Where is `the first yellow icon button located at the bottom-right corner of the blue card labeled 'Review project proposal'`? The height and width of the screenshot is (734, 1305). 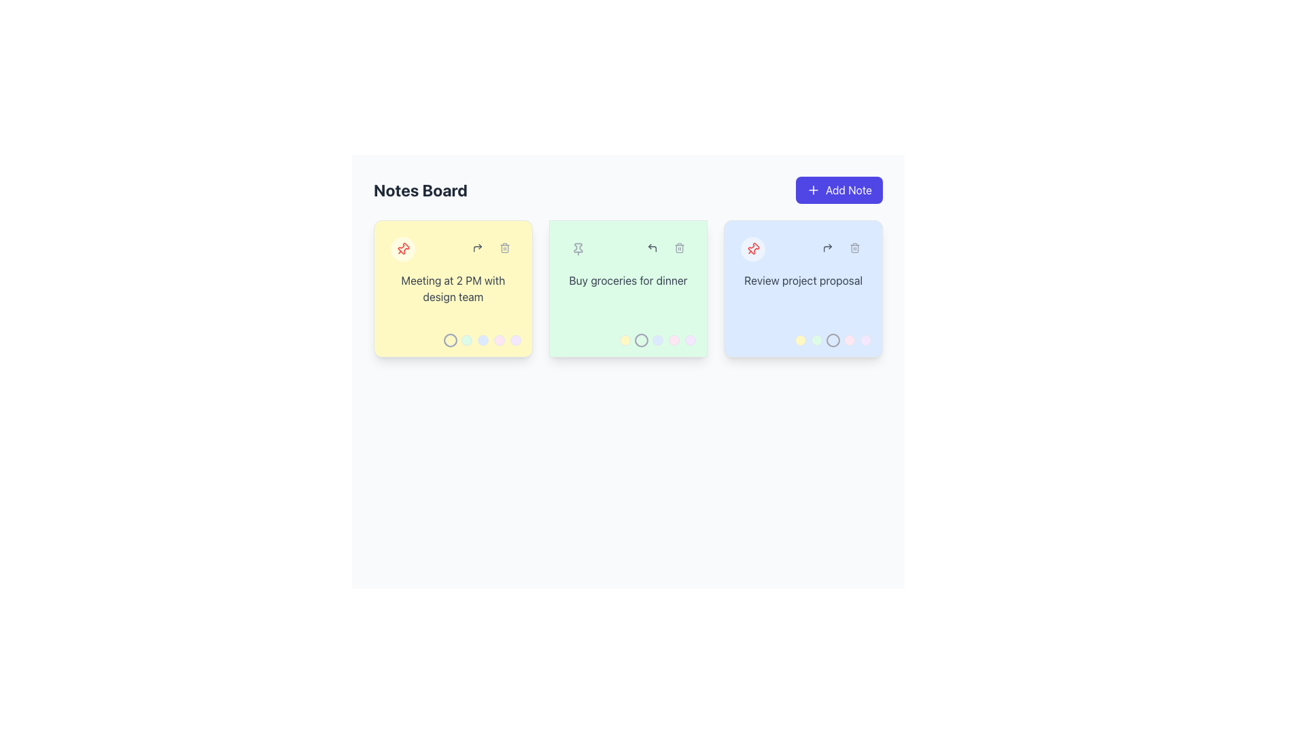
the first yellow icon button located at the bottom-right corner of the blue card labeled 'Review project proposal' is located at coordinates (800, 340).